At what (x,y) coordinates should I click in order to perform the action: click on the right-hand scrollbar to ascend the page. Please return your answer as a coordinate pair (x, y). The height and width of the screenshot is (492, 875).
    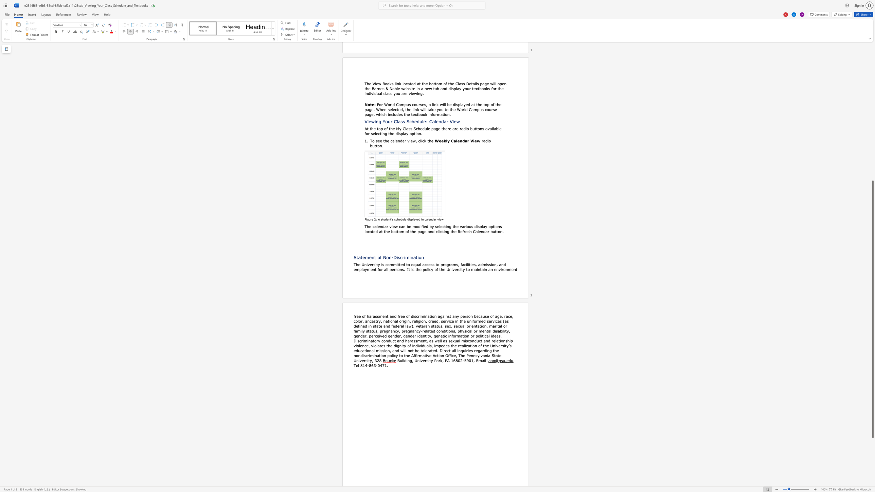
    Looking at the image, I should click on (872, 77).